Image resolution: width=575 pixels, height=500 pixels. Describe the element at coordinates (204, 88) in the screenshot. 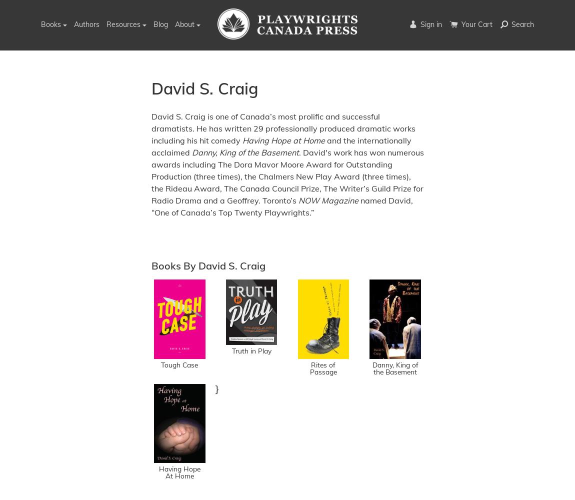

I see `'David S. Craig'` at that location.